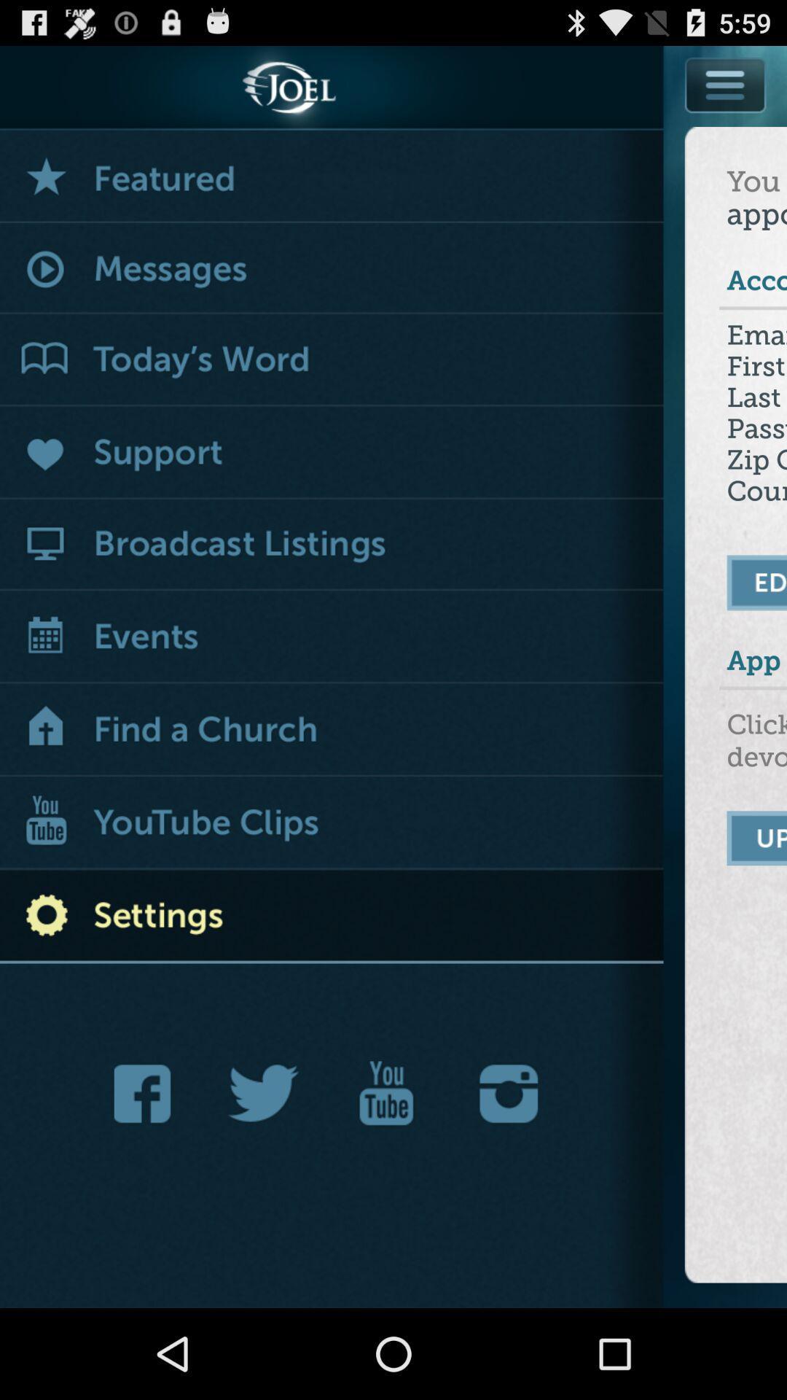 The image size is (787, 1400). I want to click on the date_range icon, so click(385, 1170).